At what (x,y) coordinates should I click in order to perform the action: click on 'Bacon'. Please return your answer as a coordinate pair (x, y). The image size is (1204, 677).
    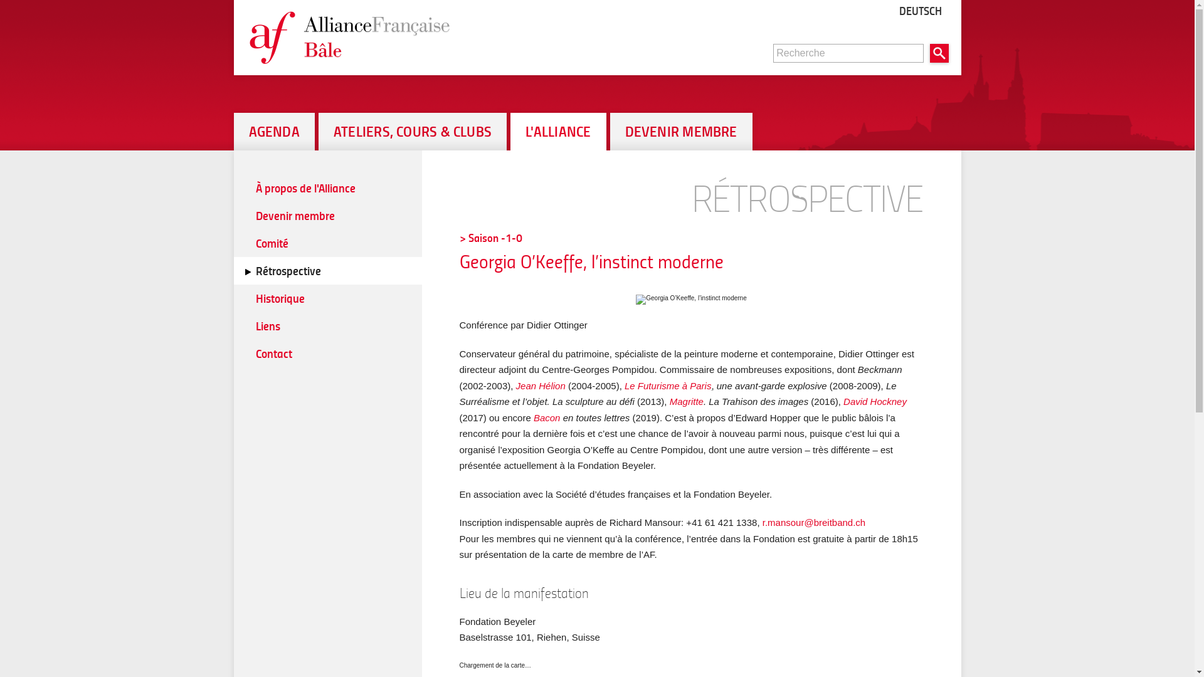
    Looking at the image, I should click on (547, 417).